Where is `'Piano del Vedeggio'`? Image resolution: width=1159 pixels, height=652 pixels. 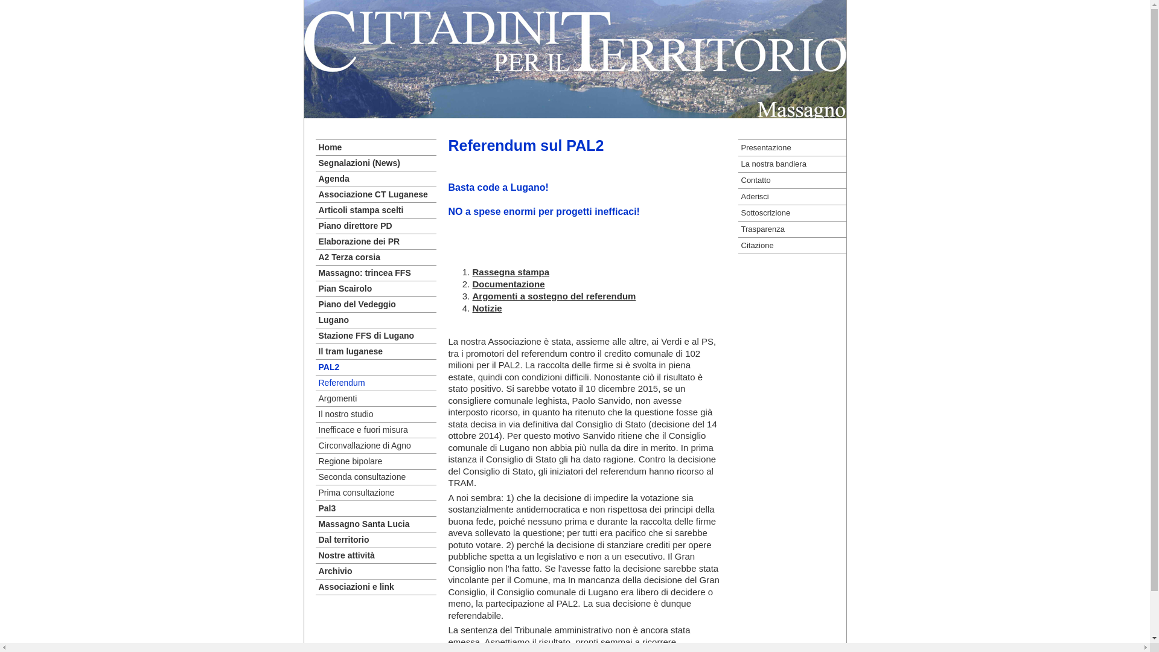
'Piano del Vedeggio' is located at coordinates (375, 304).